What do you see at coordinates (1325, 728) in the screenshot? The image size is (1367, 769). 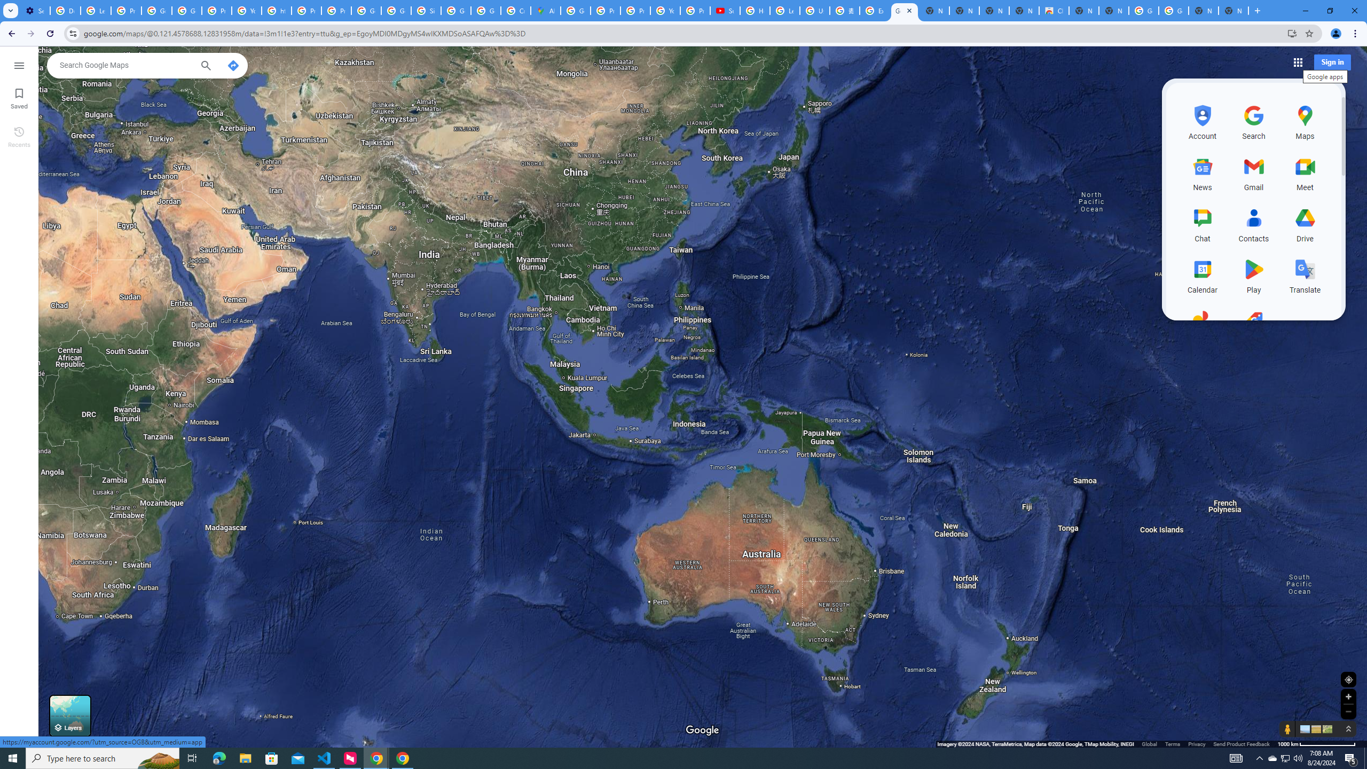 I see `'Show imagery'` at bounding box center [1325, 728].